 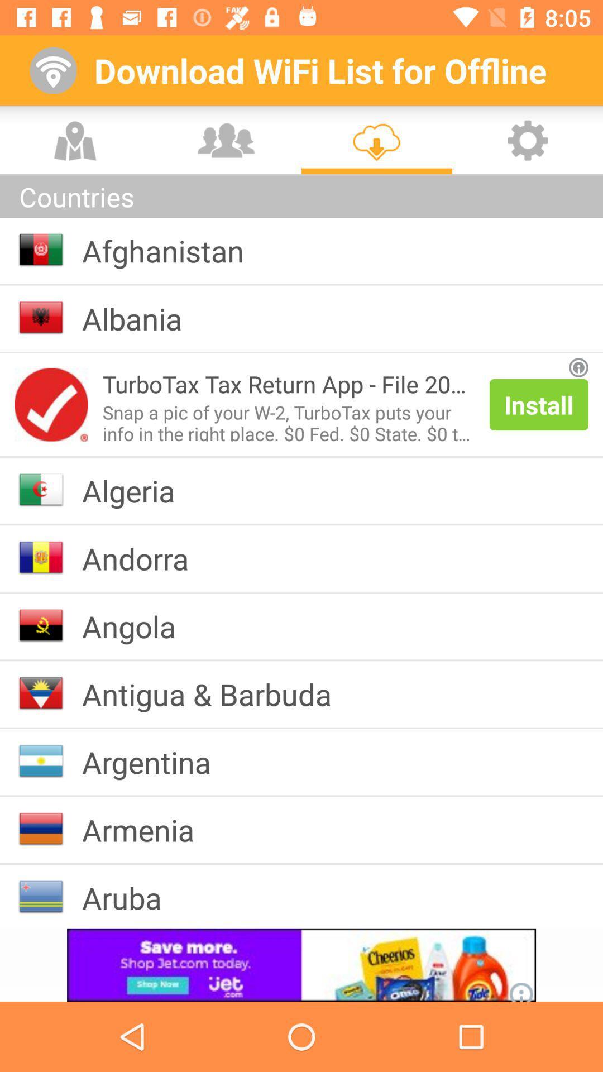 What do you see at coordinates (143, 558) in the screenshot?
I see `the item above the angola` at bounding box center [143, 558].